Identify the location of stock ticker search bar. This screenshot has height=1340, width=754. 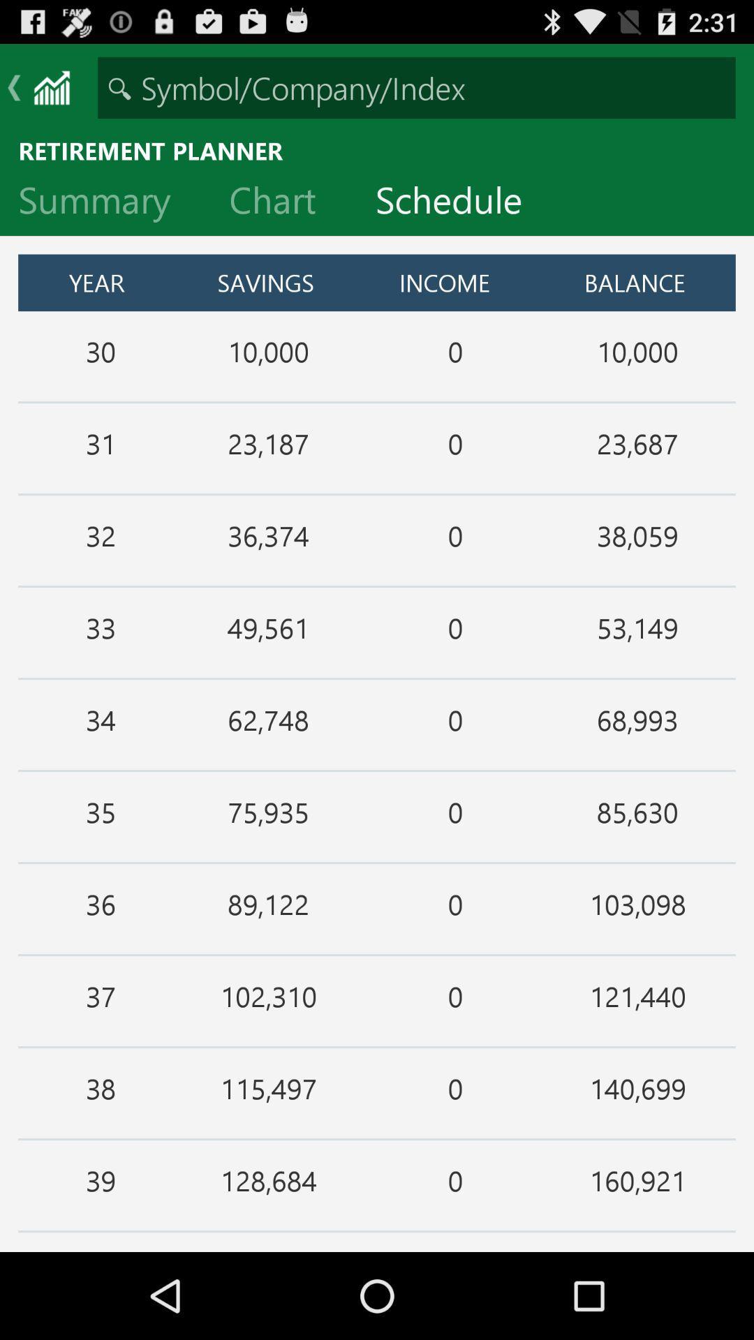
(416, 87).